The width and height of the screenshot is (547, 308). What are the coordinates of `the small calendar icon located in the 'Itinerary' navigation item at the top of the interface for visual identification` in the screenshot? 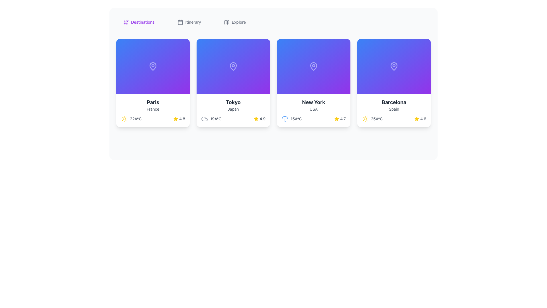 It's located at (180, 22).